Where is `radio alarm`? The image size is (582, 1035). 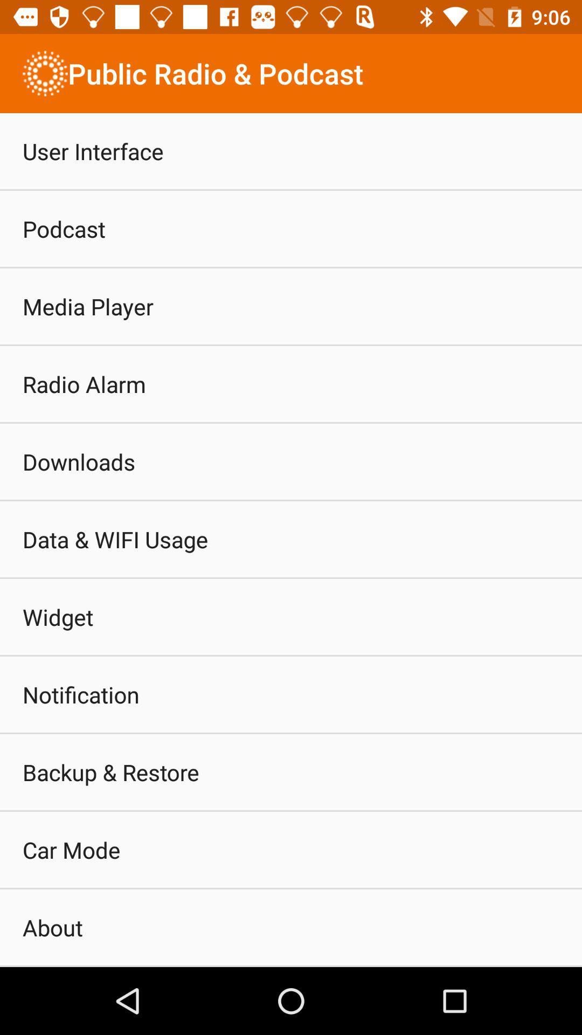
radio alarm is located at coordinates (84, 384).